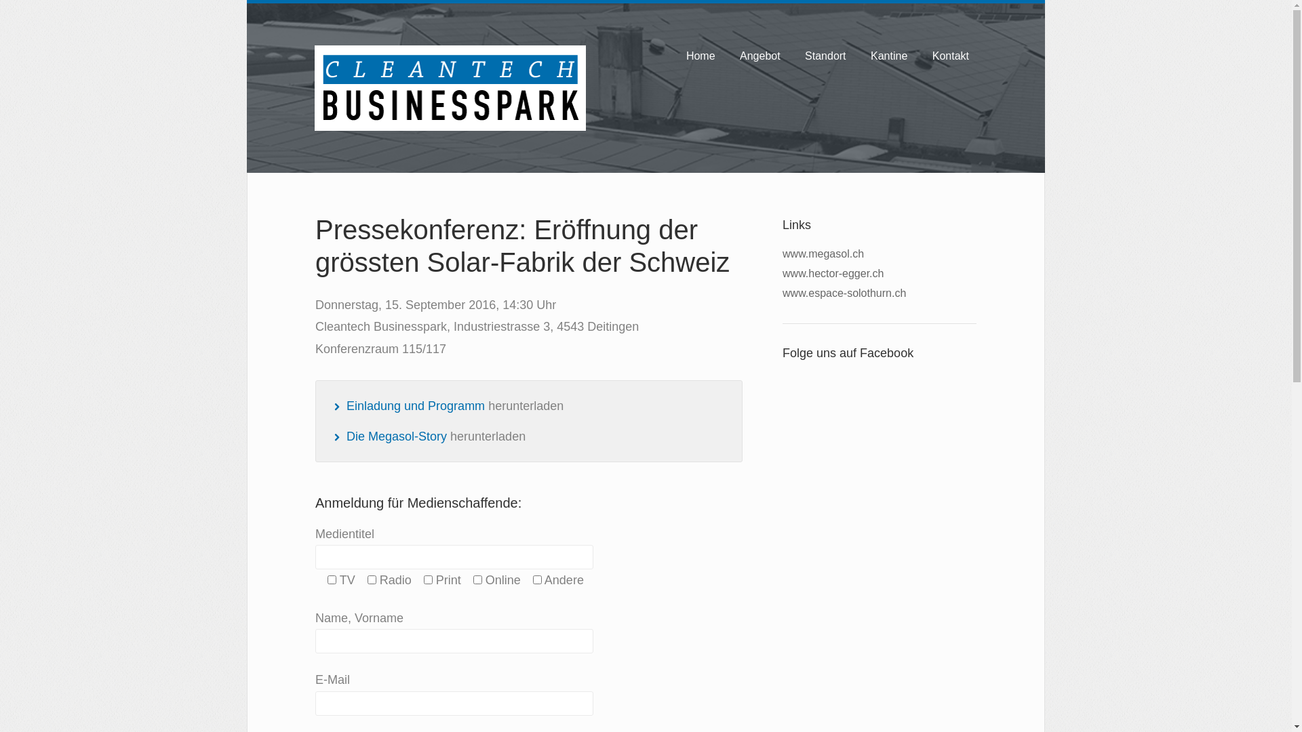 This screenshot has height=732, width=1302. I want to click on 'Home', so click(701, 56).